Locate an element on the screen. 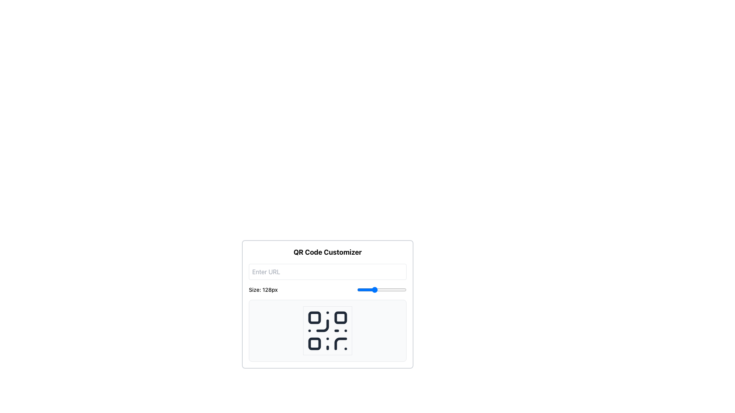 The image size is (735, 413). the slider value is located at coordinates (366, 290).